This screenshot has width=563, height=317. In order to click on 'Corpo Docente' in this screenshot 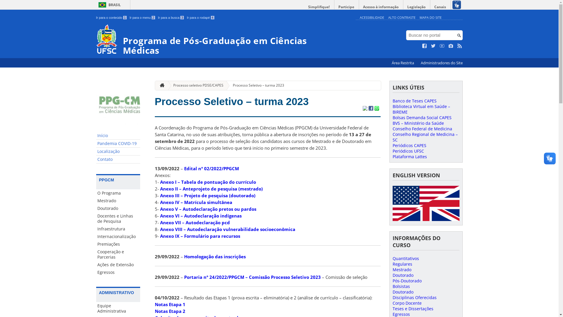, I will do `click(406, 303)`.